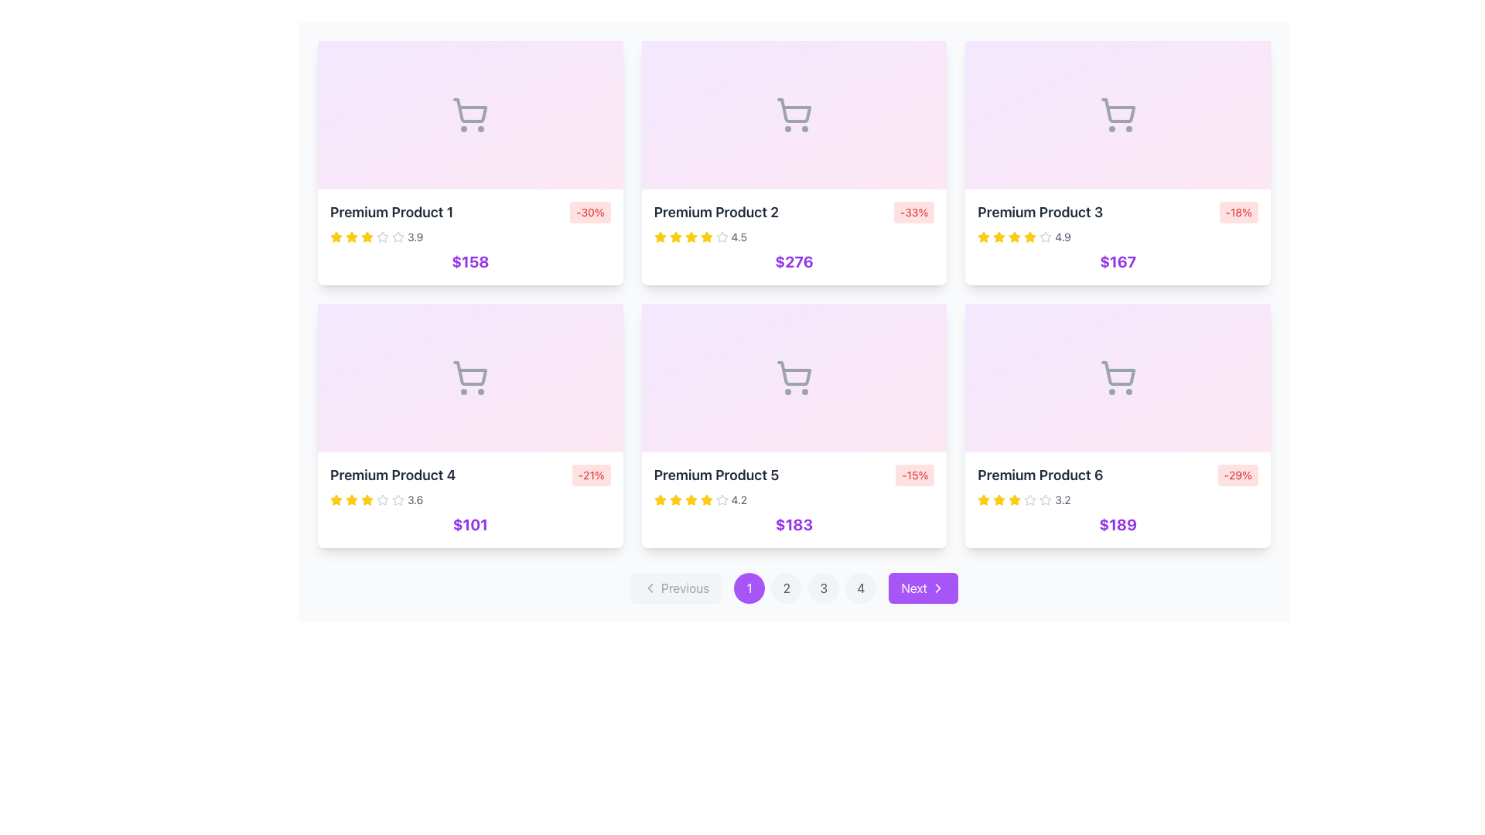 The height and width of the screenshot is (835, 1485). I want to click on the first yellow star icon in the 'Premium Product 4' card, which is part of a series of five star icons representing a rating system, located next to the '3.6' rating text, so click(336, 500).